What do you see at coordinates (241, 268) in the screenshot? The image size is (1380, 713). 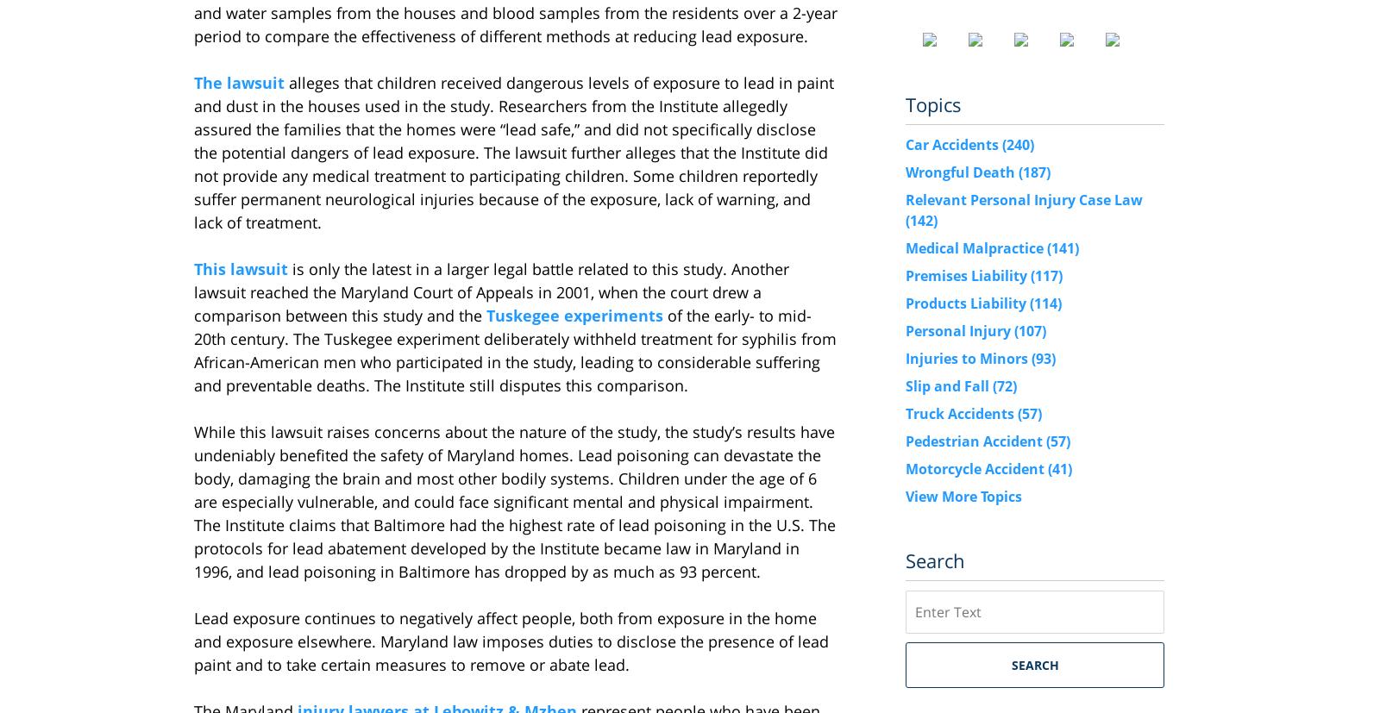 I see `'This lawsuit'` at bounding box center [241, 268].